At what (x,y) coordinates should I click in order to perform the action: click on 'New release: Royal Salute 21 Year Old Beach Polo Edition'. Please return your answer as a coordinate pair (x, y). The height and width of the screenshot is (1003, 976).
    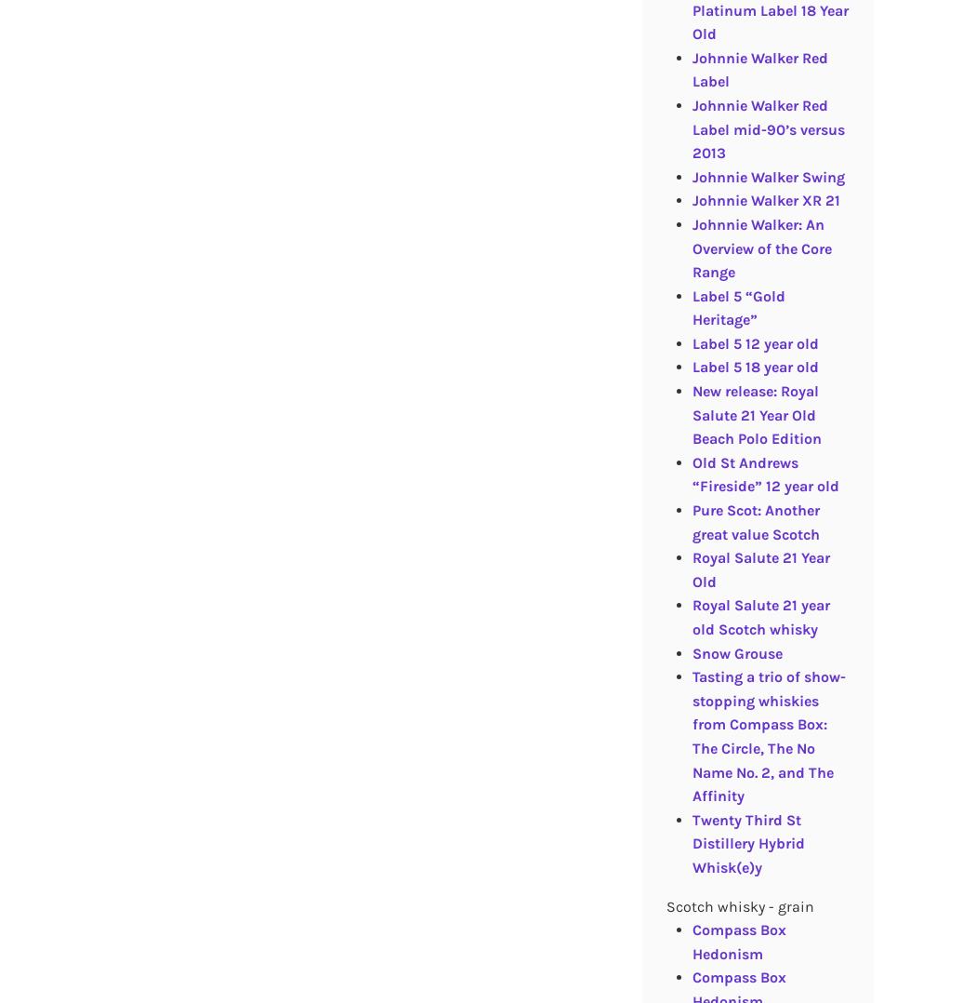
    Looking at the image, I should click on (755, 414).